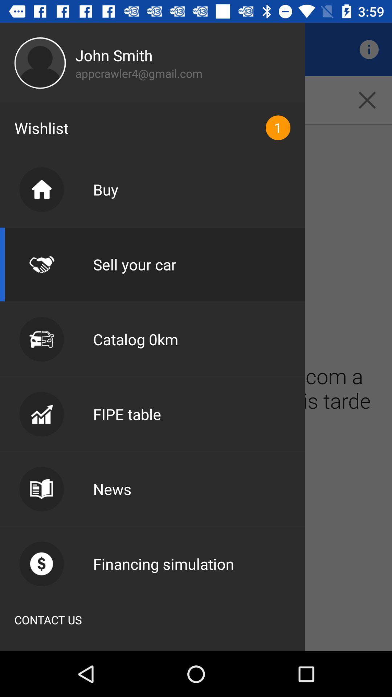  Describe the element at coordinates (367, 99) in the screenshot. I see `the close icon` at that location.